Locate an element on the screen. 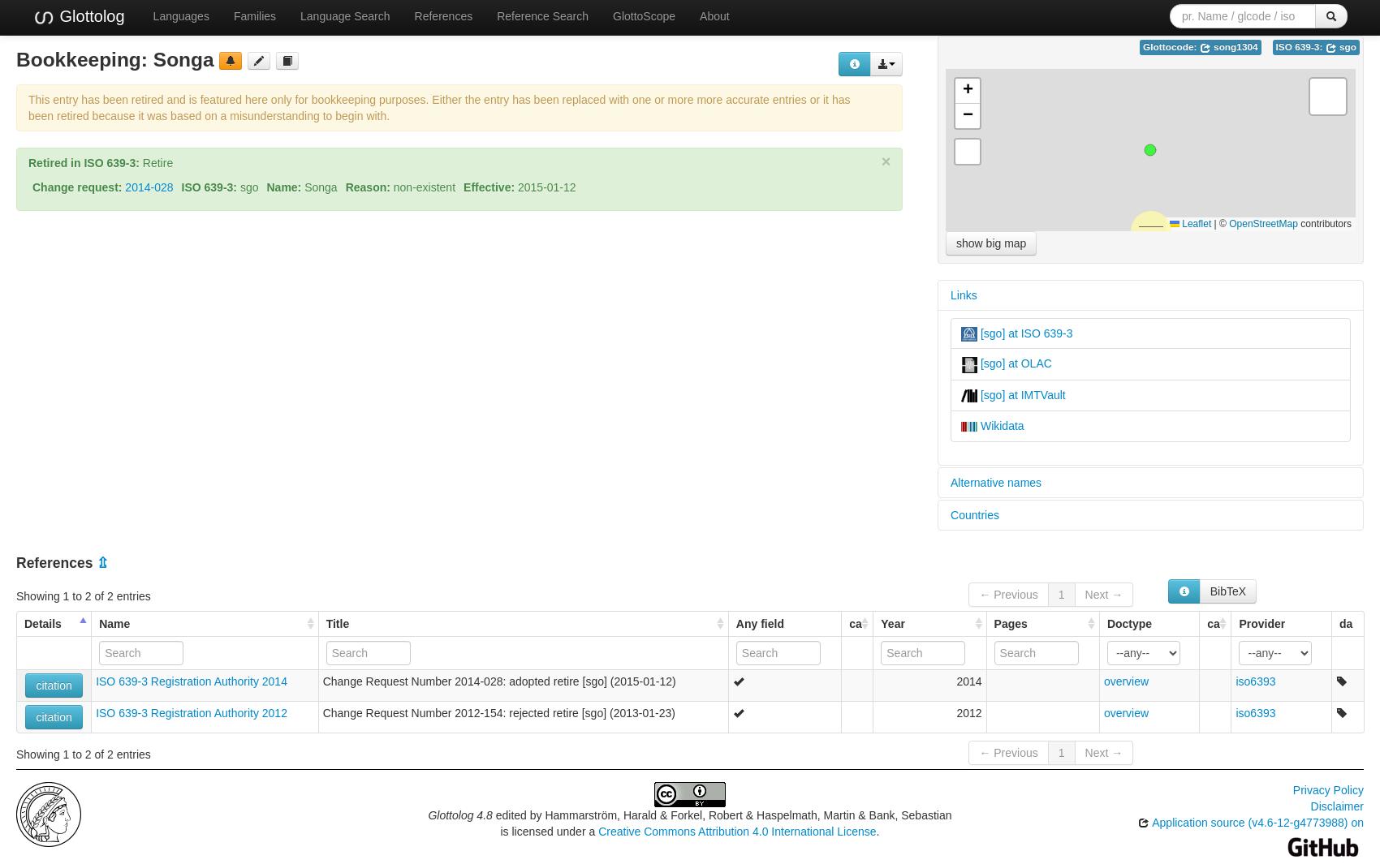 This screenshot has width=1380, height=864. 'Name' is located at coordinates (113, 622).